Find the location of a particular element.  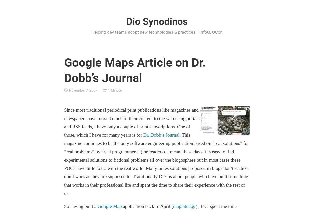

'map.ntua.gr' is located at coordinates (184, 206).